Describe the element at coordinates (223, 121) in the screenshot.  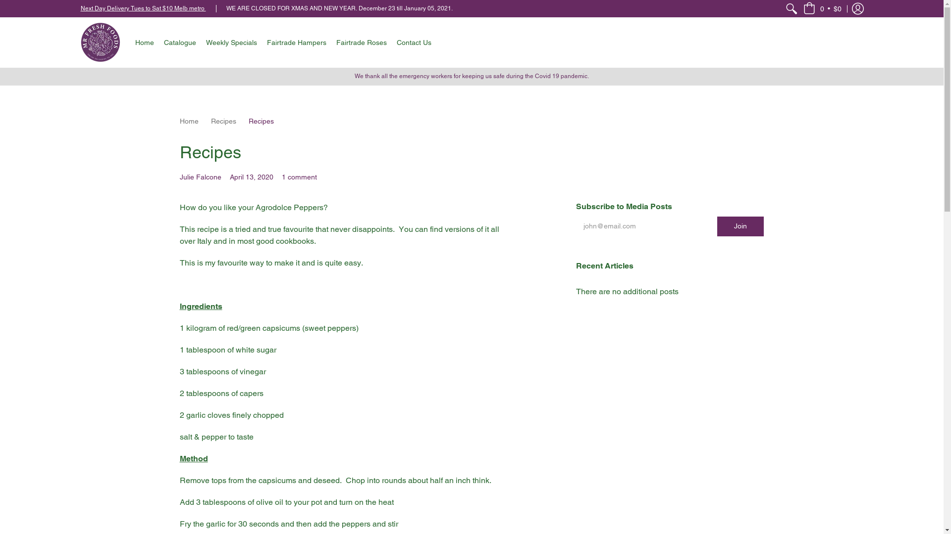
I see `'Recipes'` at that location.